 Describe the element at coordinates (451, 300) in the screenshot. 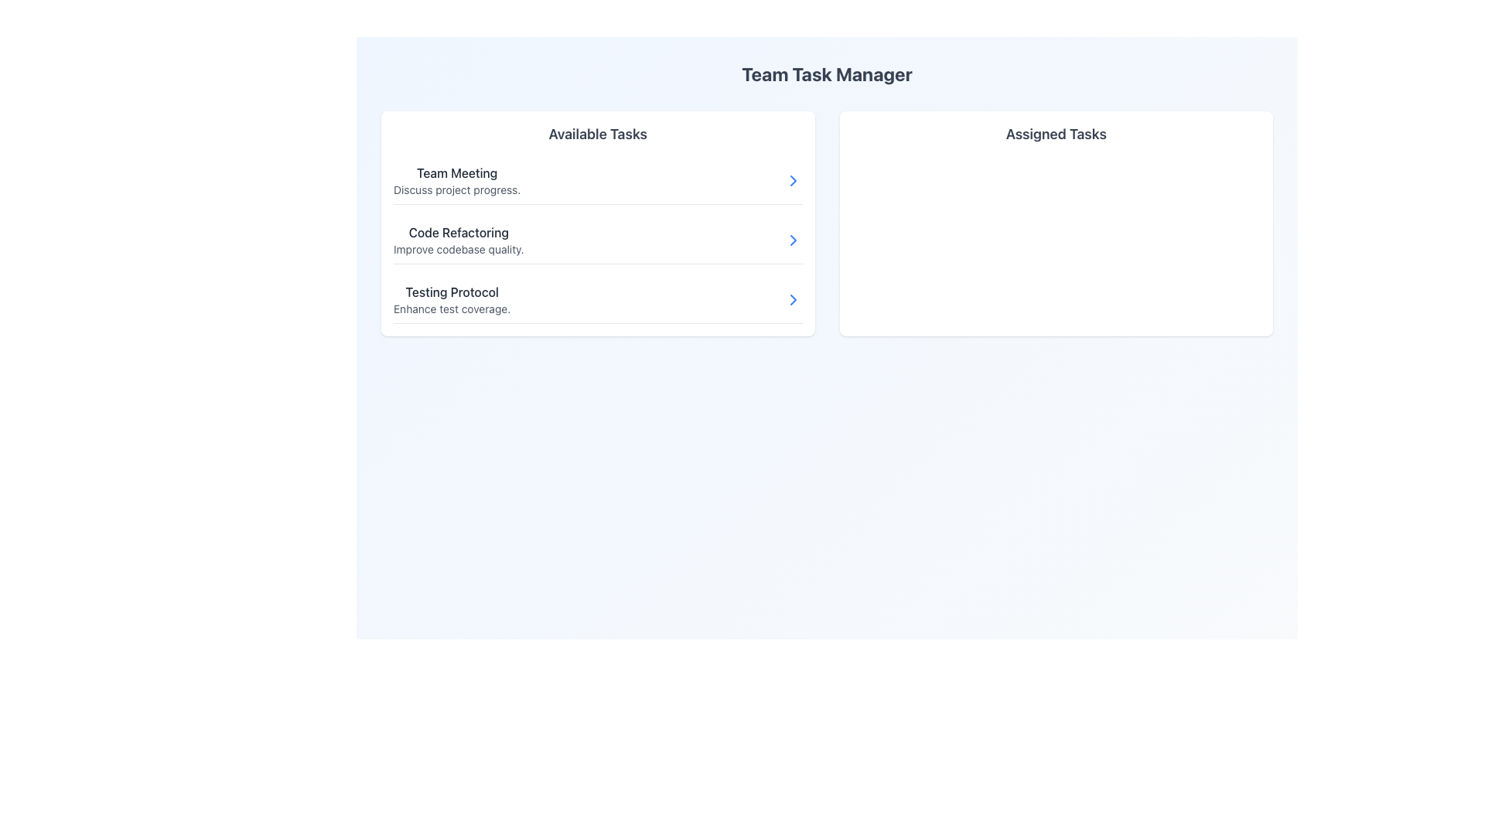

I see `the third task item in the 'Available Tasks' list` at that location.